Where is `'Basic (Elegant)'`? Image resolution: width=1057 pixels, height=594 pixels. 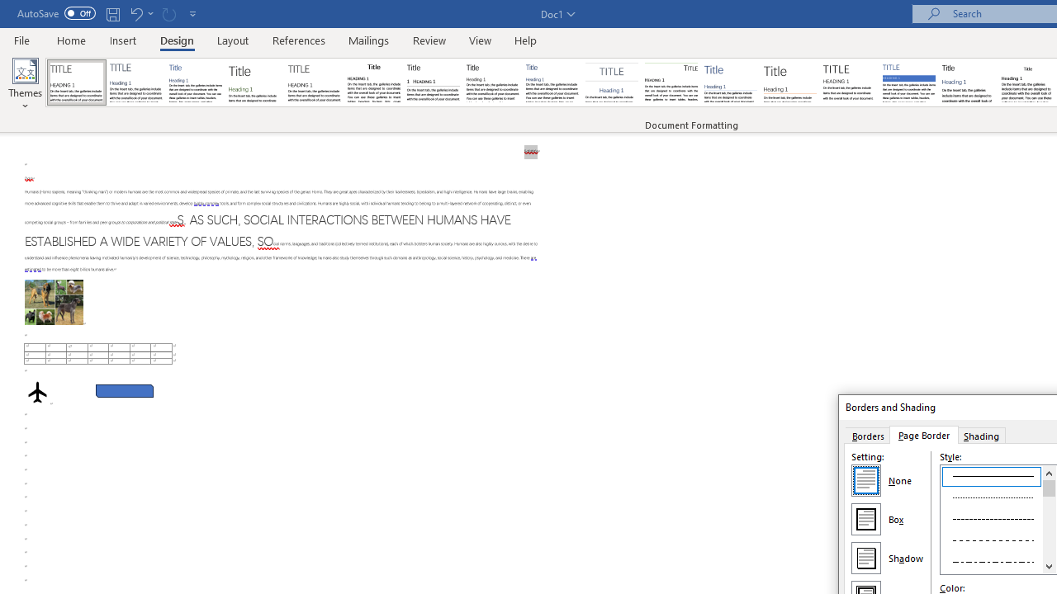 'Basic (Elegant)' is located at coordinates (136, 82).